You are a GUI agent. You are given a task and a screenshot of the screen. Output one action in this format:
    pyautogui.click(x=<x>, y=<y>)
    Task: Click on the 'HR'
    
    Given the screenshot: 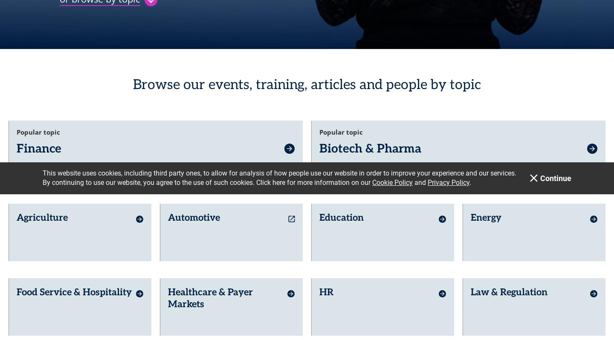 What is the action you would take?
    pyautogui.click(x=326, y=286)
    